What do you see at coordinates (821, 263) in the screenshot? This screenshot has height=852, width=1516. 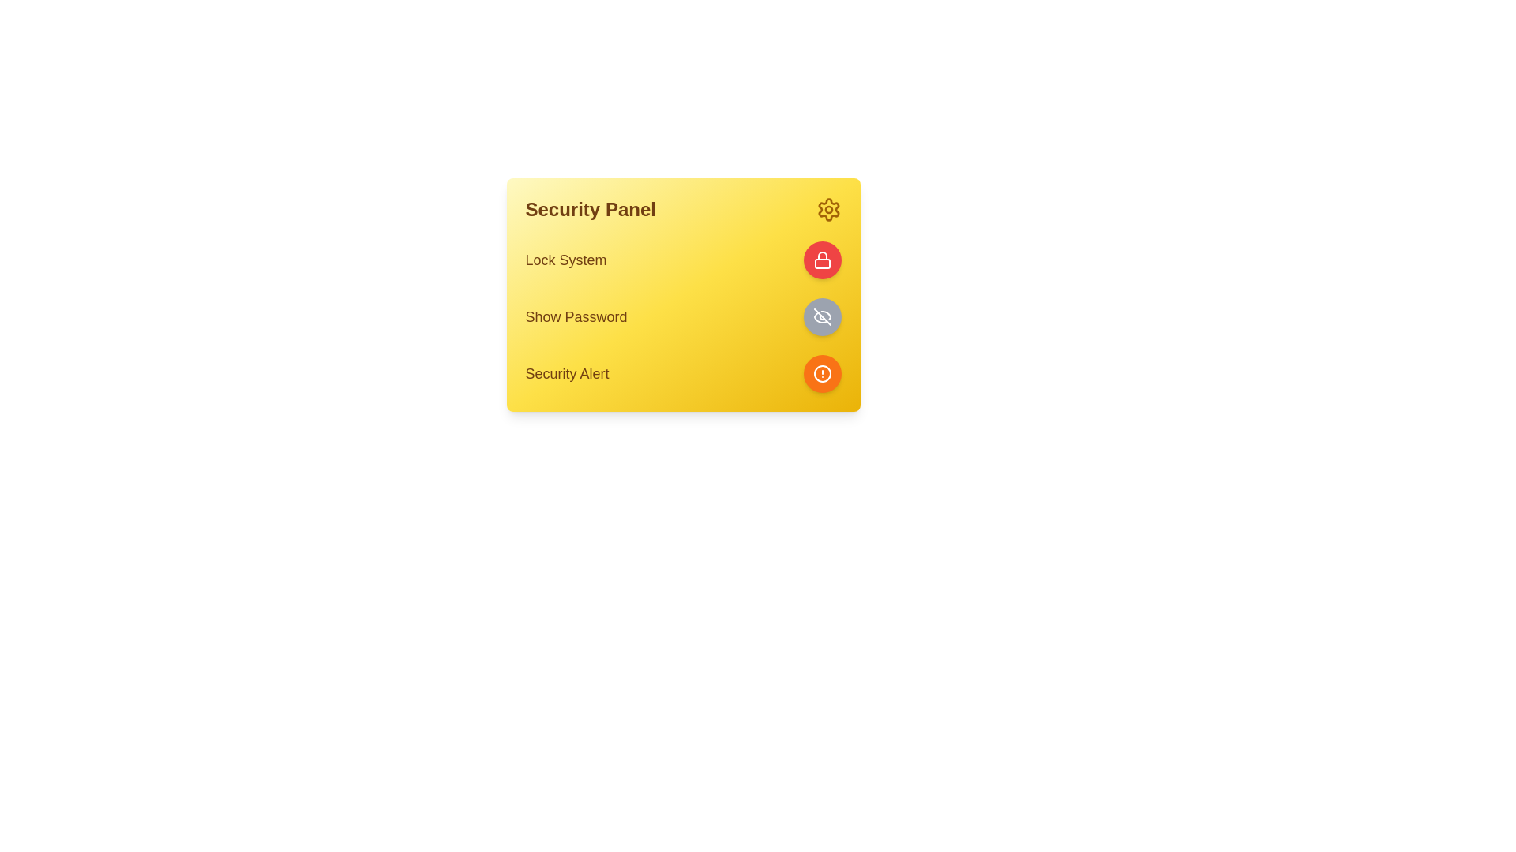 I see `the decorative rectangular component representing the lock's body in the lock icon within the 'Security Panel' interface` at bounding box center [821, 263].